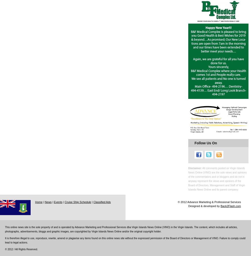 Image resolution: width=251 pixels, height=256 pixels. Describe the element at coordinates (121, 229) in the screenshot. I see `'This online news site is the sole property of and is operated by Advance Marketing and Professional Services dba Virgin Islands News Online (VINO) in the Virgin Islands. The content, which includes all articles, photographs, advertisements, bloggs and graphic images, are copyrighted by Virgin Islands News Online and/or the original copyright holder.'` at that location.